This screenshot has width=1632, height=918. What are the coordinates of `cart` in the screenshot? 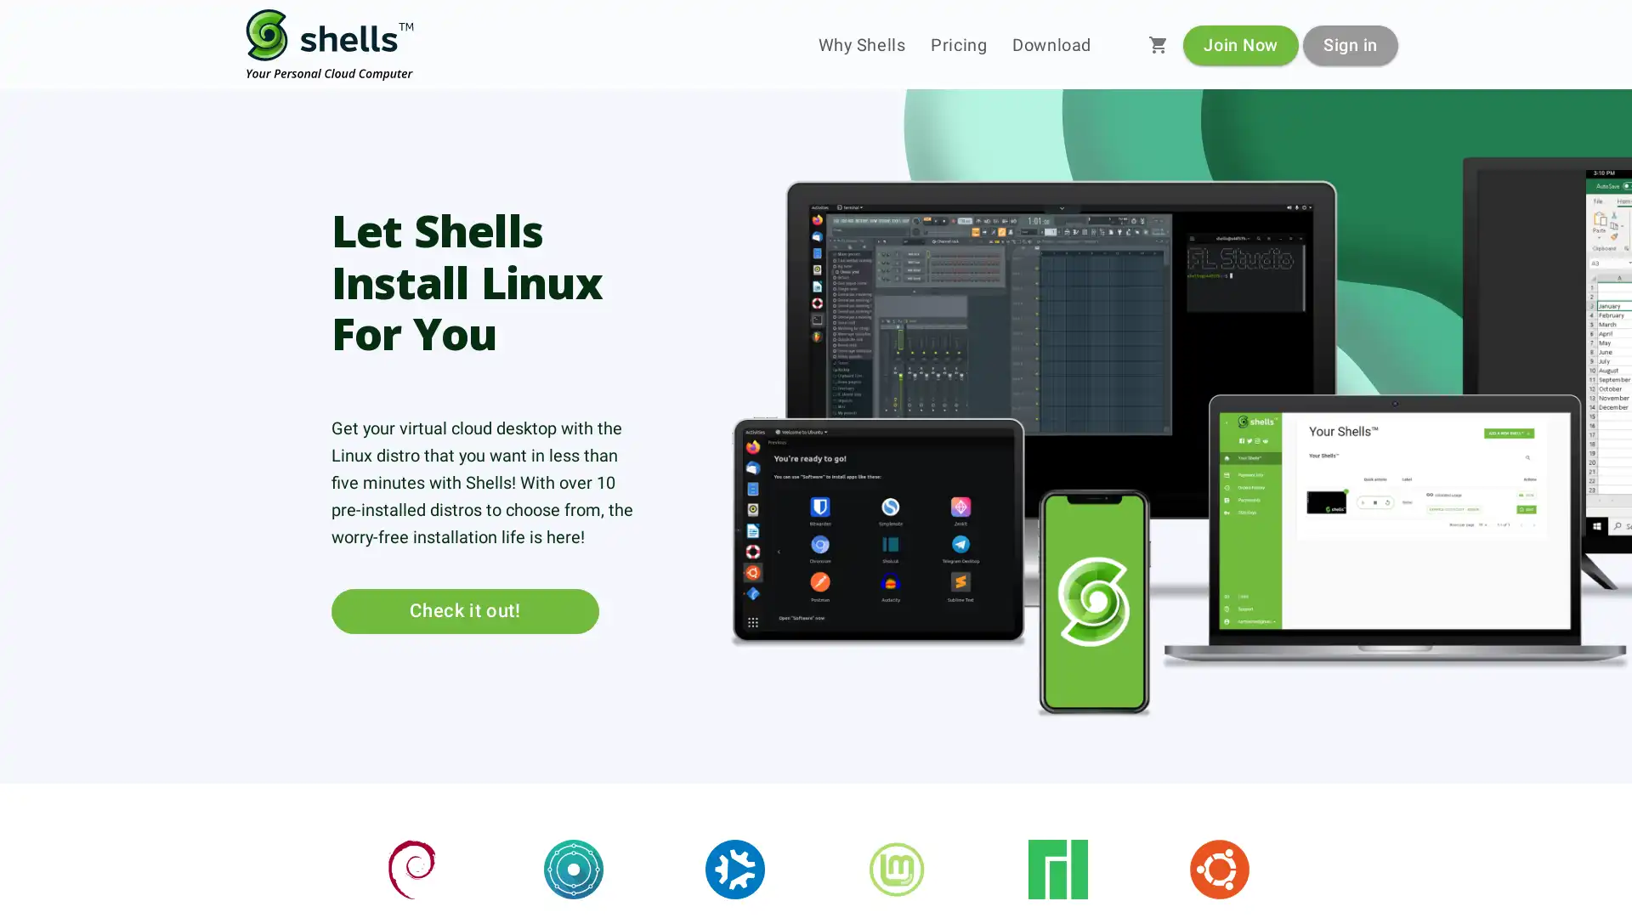 It's located at (1158, 44).